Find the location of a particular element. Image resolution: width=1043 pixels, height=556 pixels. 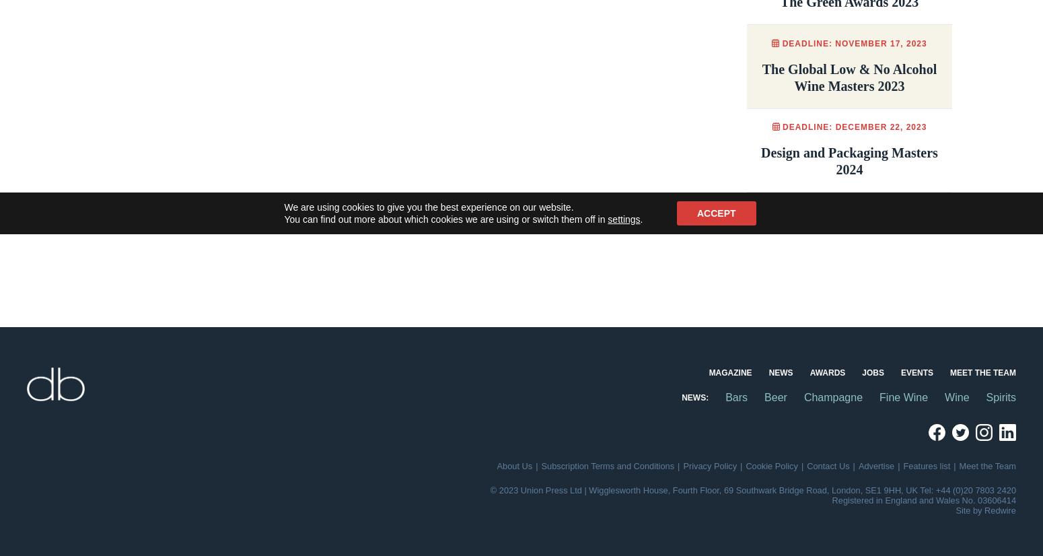

'Contact Us' is located at coordinates (828, 465).